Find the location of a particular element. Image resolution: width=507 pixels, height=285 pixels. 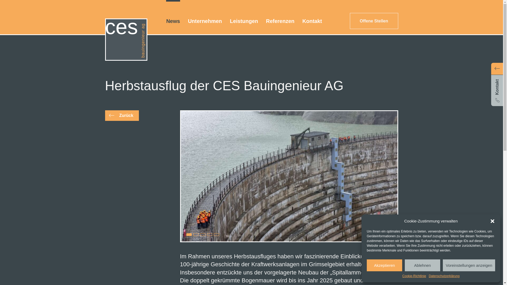

'Unternehmen' is located at coordinates (205, 21).